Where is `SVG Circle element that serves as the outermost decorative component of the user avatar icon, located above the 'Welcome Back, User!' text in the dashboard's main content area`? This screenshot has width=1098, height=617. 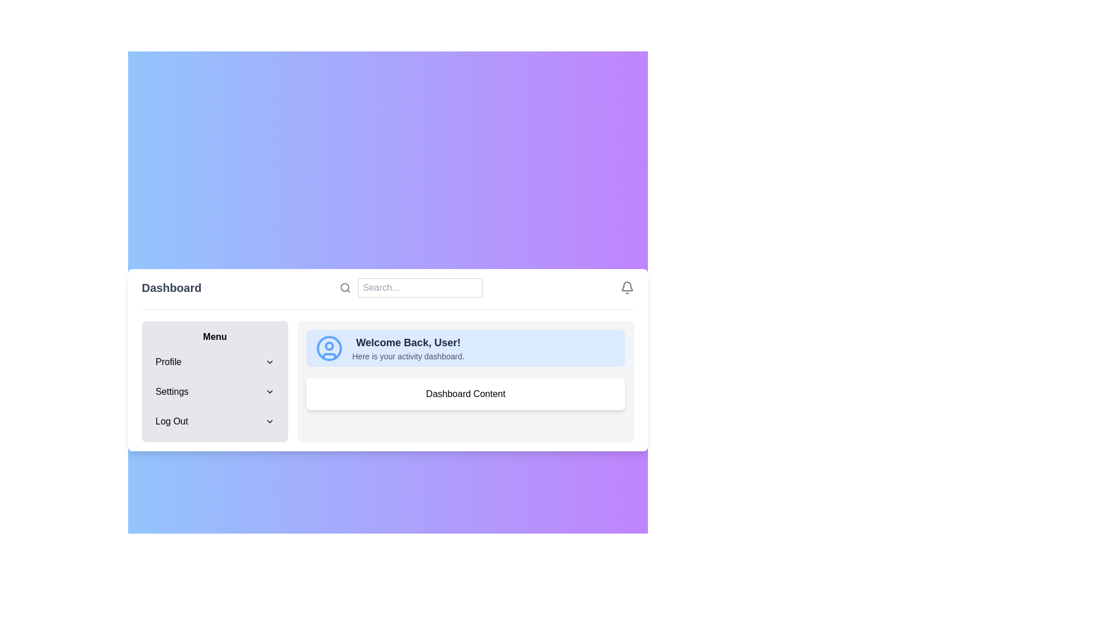 SVG Circle element that serves as the outermost decorative component of the user avatar icon, located above the 'Welcome Back, User!' text in the dashboard's main content area is located at coordinates (329, 347).